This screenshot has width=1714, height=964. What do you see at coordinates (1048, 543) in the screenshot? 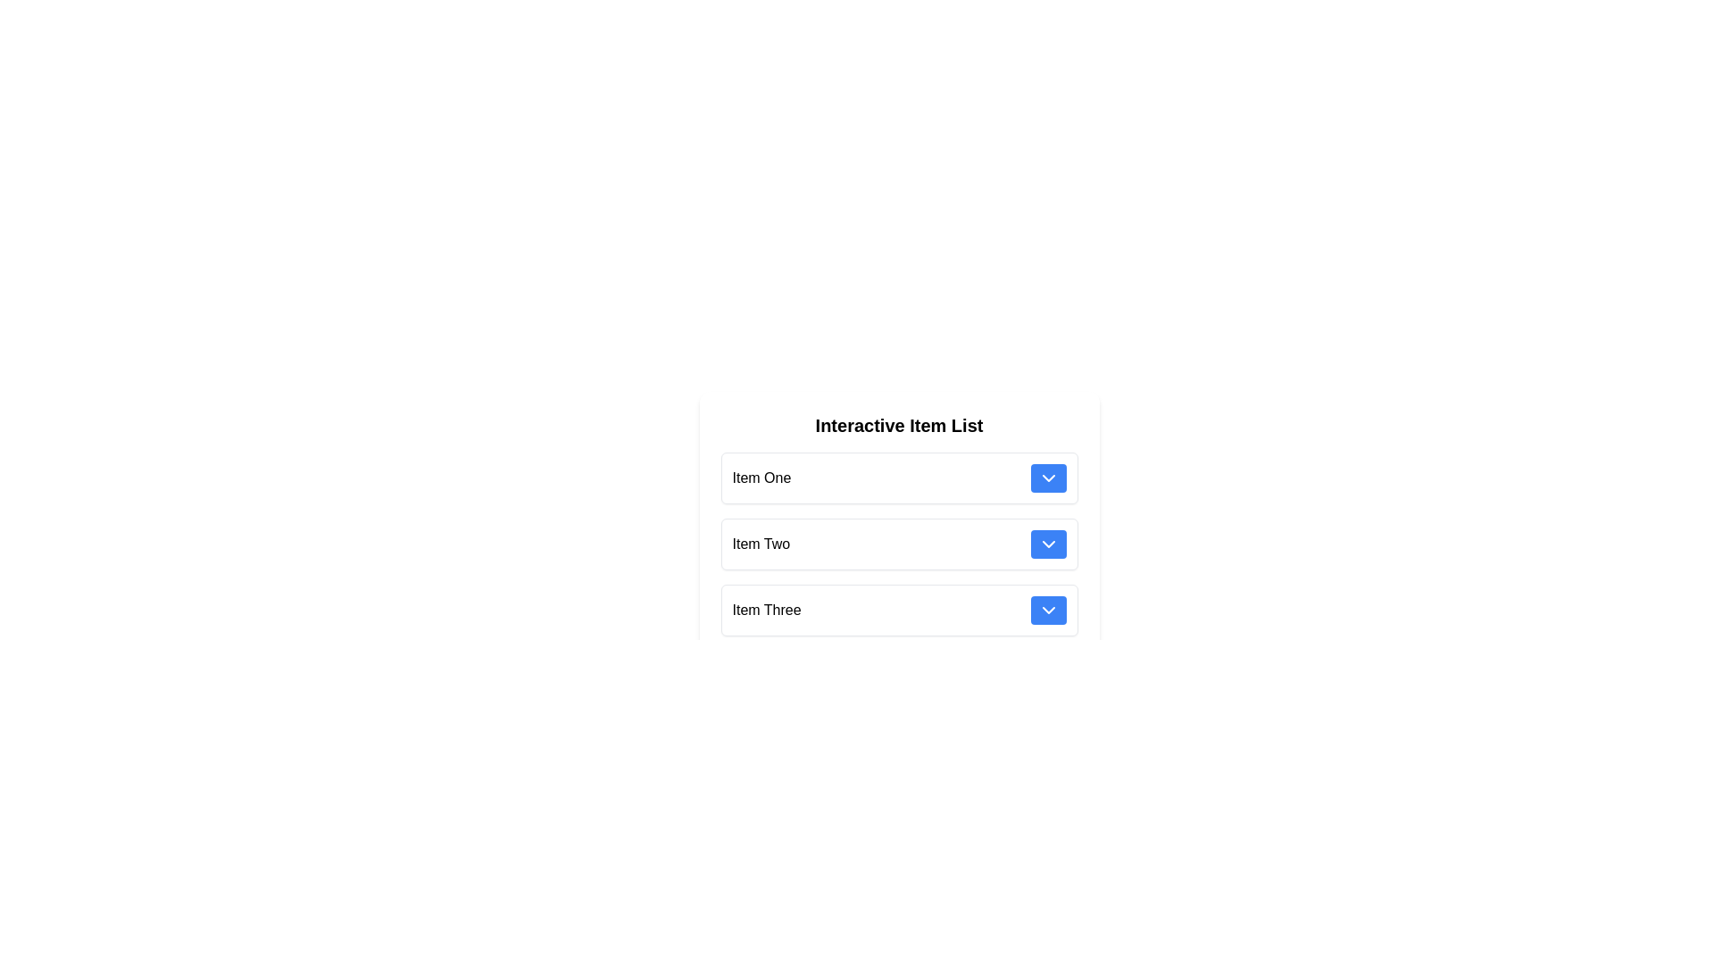
I see `the downward-pointing chevron SVG icon with a blue background, located in the dropdown button next to 'Item Two'` at bounding box center [1048, 543].